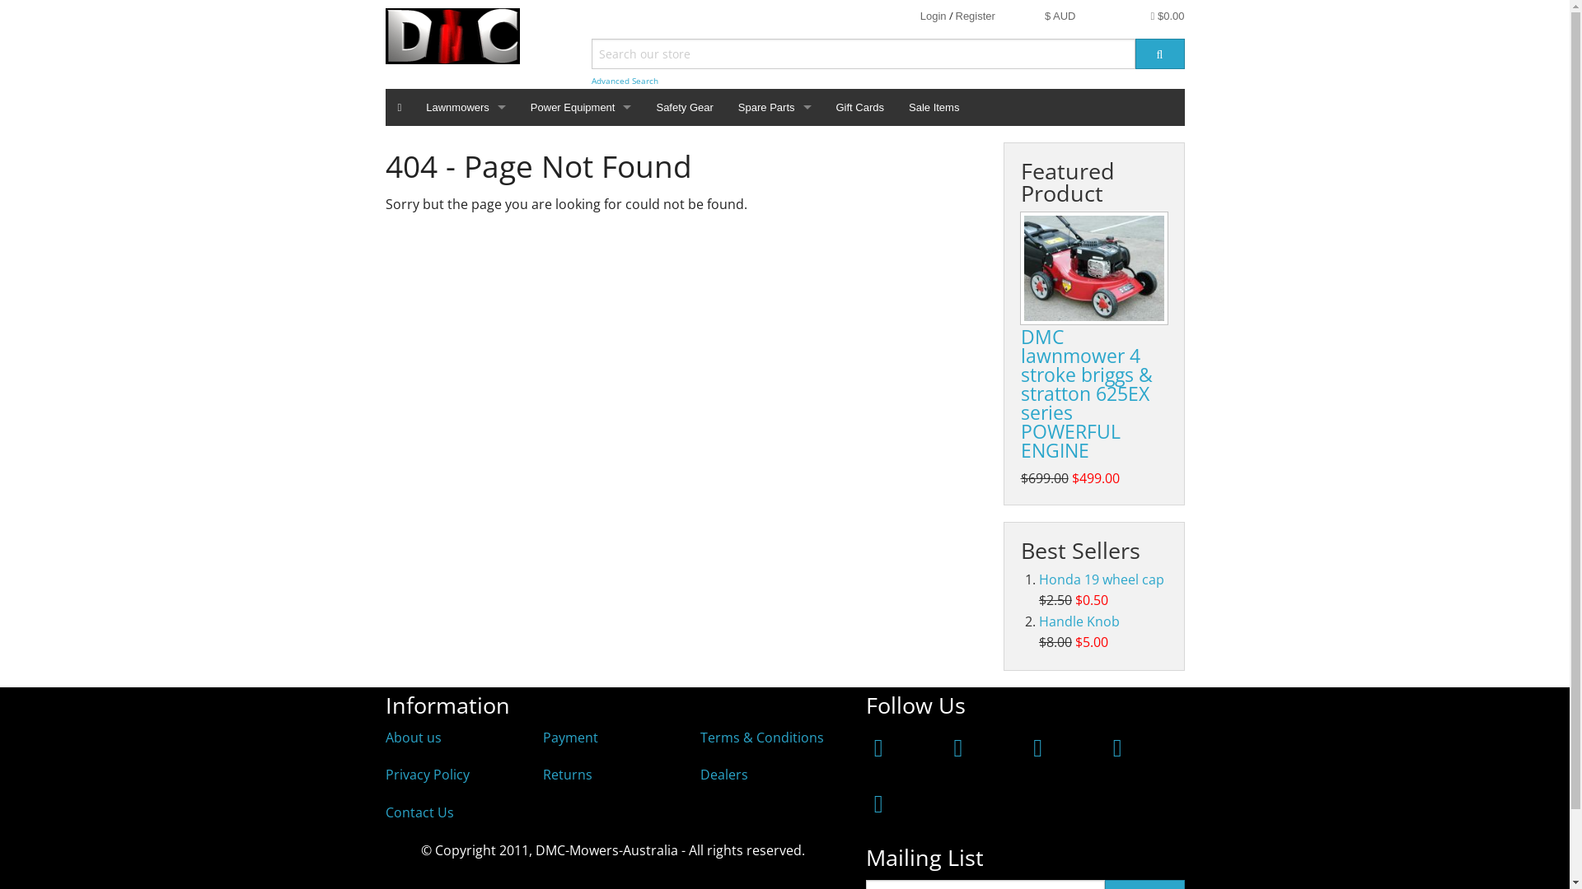 This screenshot has width=1582, height=889. What do you see at coordinates (878, 747) in the screenshot?
I see `'Facebook'` at bounding box center [878, 747].